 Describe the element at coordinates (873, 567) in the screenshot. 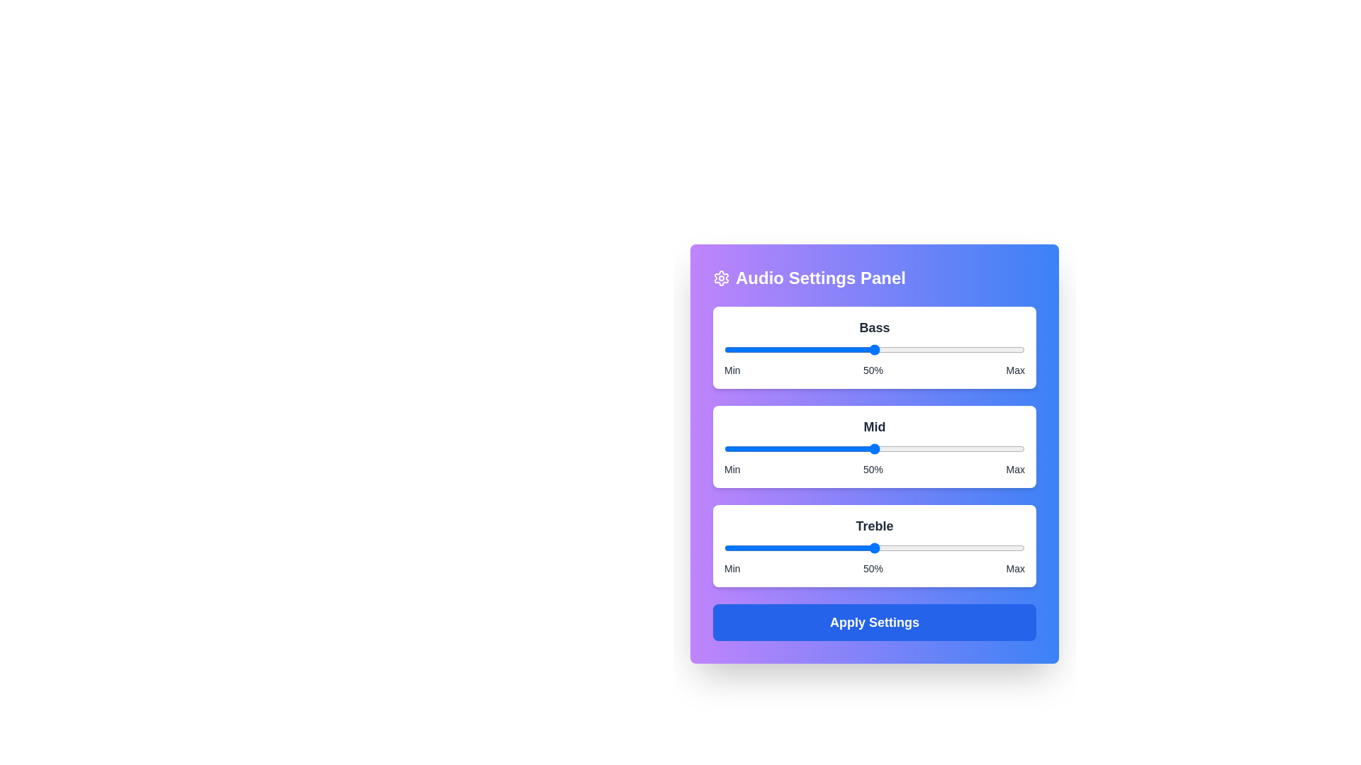

I see `the label indicating the values for the treble slider in the audio settings panel, which displays 'Min', 'Max', and '50%'` at that location.